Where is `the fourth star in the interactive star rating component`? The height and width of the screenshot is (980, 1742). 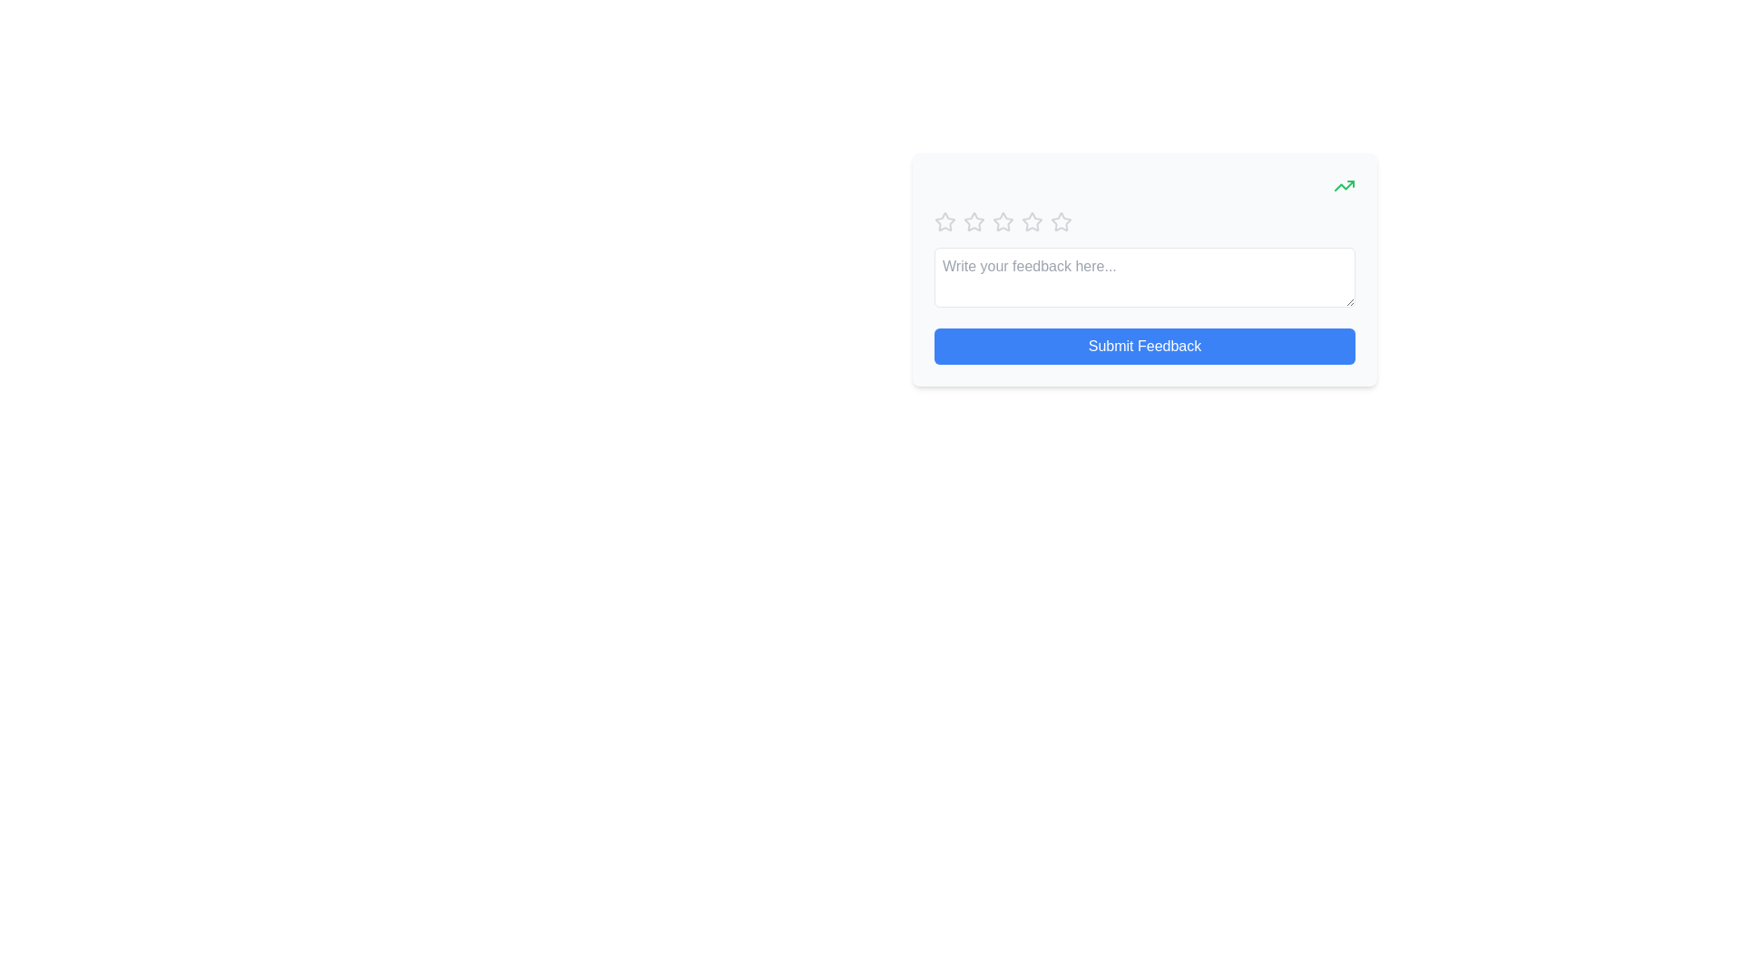 the fourth star in the interactive star rating component is located at coordinates (1032, 221).